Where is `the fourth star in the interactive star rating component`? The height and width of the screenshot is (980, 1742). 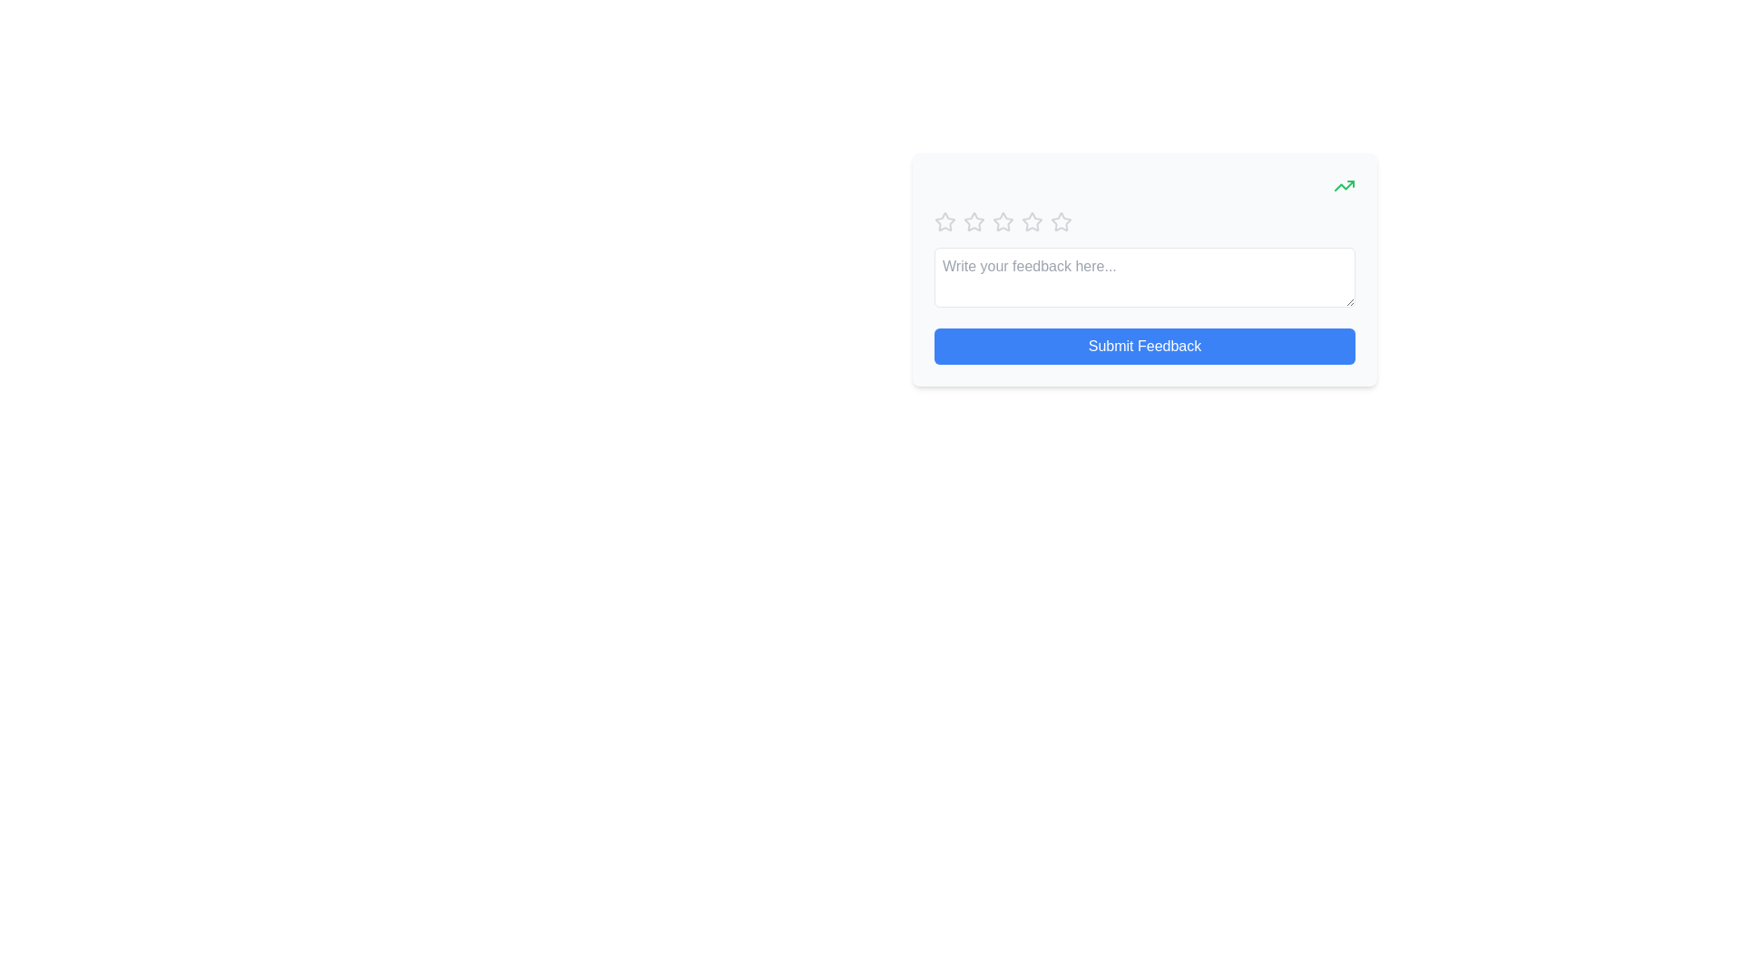 the fourth star in the interactive star rating component is located at coordinates (1032, 221).